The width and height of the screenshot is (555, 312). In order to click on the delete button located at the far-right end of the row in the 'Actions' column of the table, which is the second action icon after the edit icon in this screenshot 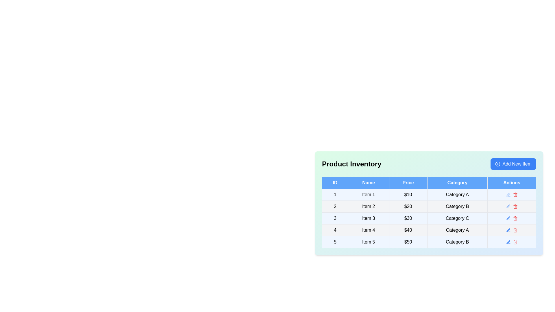, I will do `click(515, 195)`.